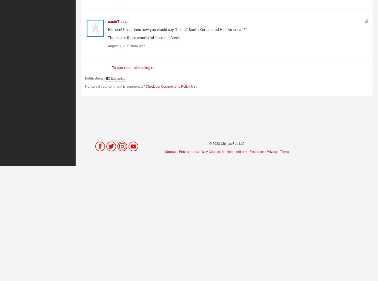 The width and height of the screenshot is (378, 281). I want to click on 'Check our Commenting Policy first.', so click(146, 87).